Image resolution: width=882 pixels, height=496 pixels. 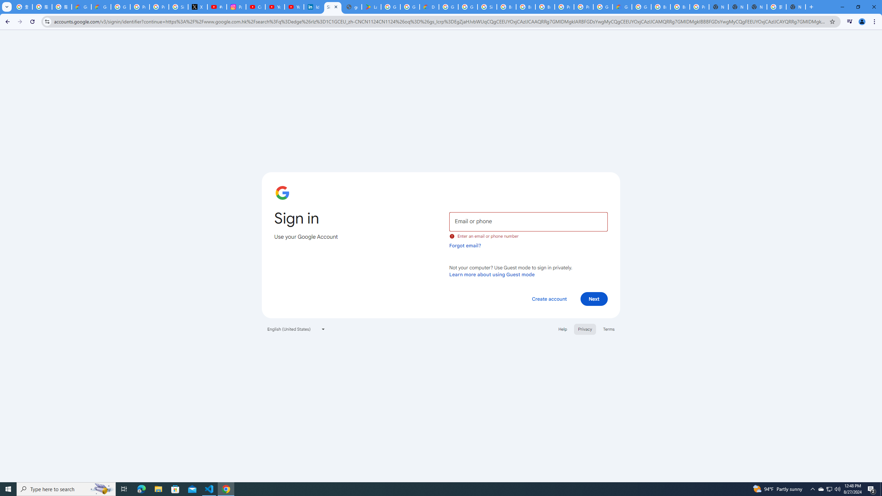 What do you see at coordinates (492, 274) in the screenshot?
I see `'Learn more about using Guest mode'` at bounding box center [492, 274].